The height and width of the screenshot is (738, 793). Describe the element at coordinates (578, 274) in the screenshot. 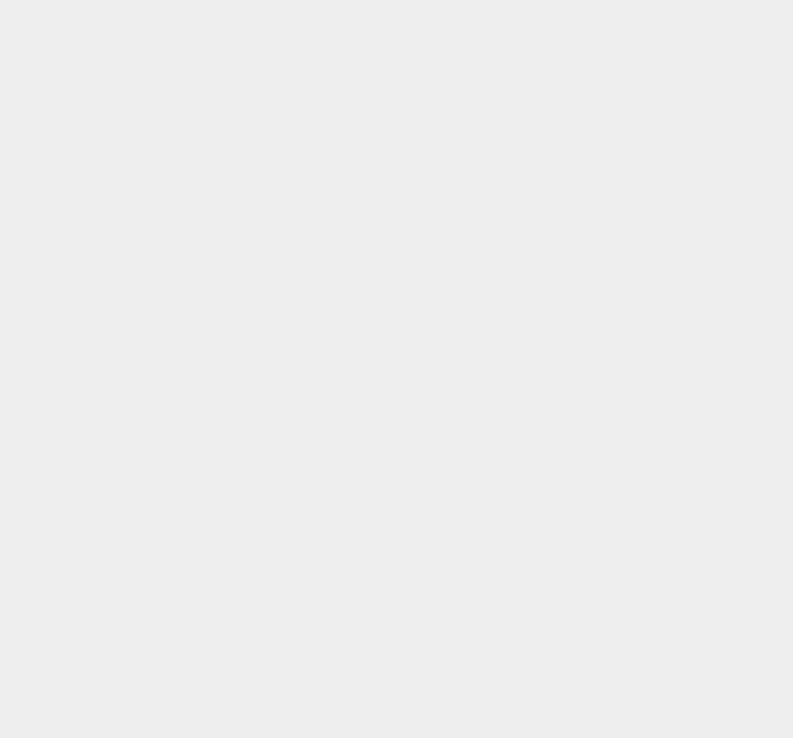

I see `'SkyDrive'` at that location.